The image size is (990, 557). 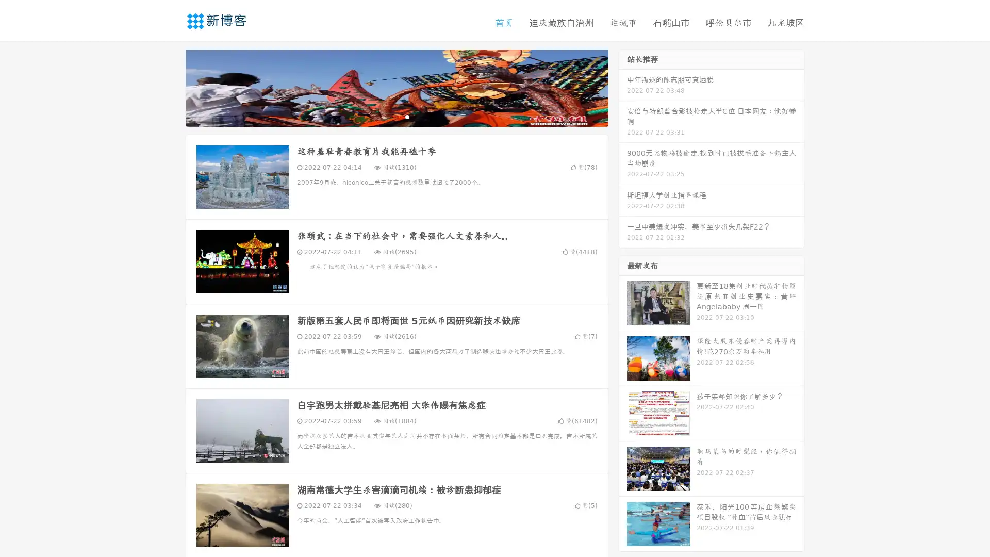 I want to click on Go to slide 3, so click(x=407, y=116).